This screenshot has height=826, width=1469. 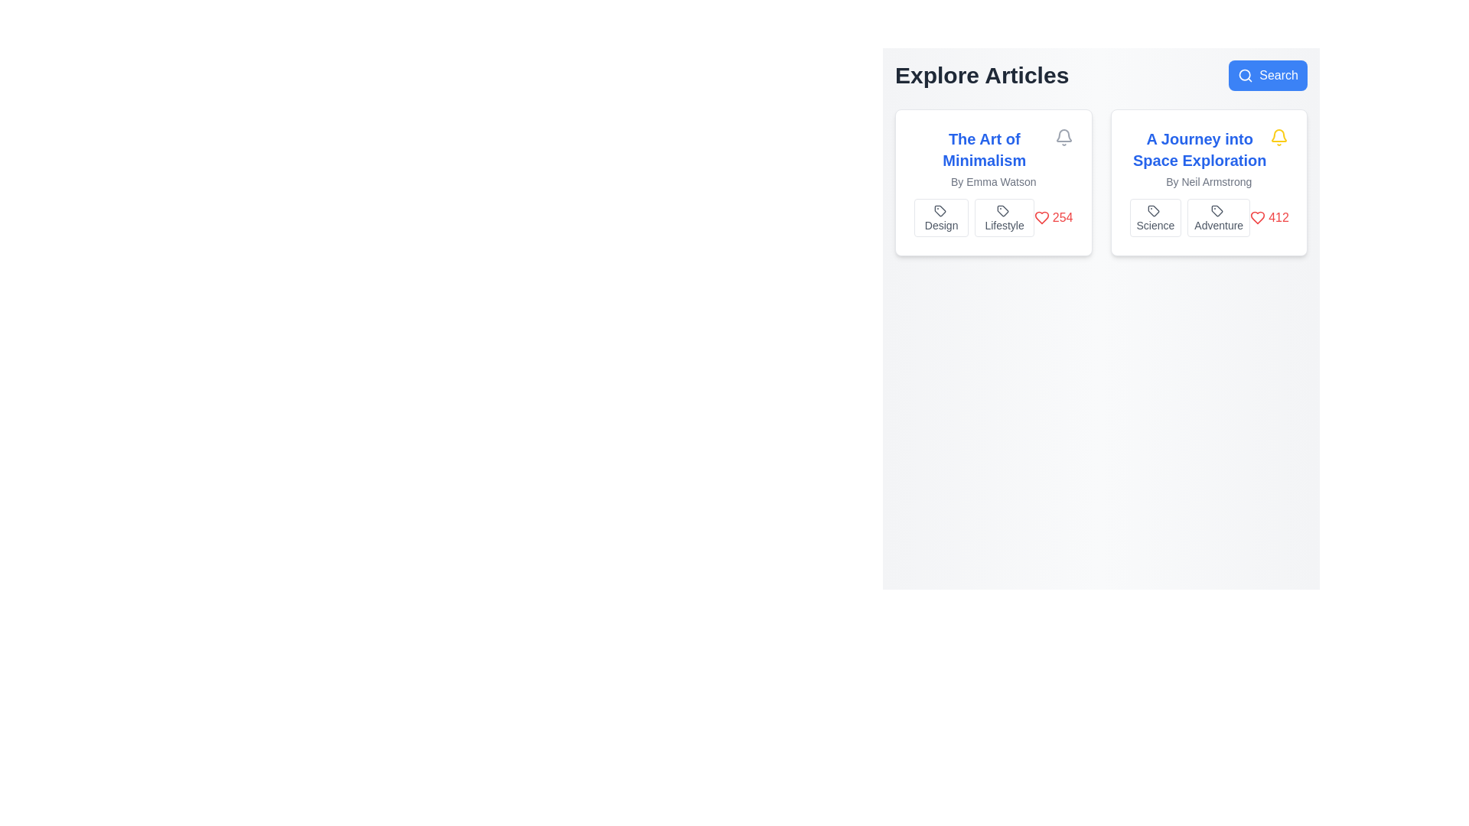 What do you see at coordinates (1155, 218) in the screenshot?
I see `the 'Science' label, which is a rectangular UI component styled in gray with a tag icon on the left, positioned within a card titled 'A Journey into Space Exploration.'` at bounding box center [1155, 218].